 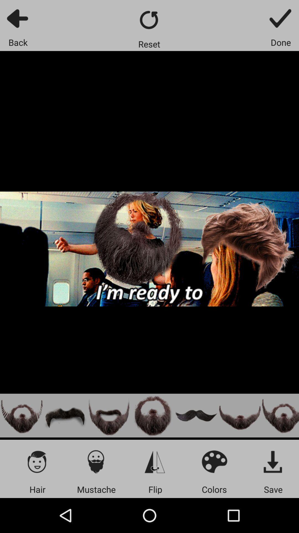 What do you see at coordinates (96, 461) in the screenshot?
I see `mustache` at bounding box center [96, 461].